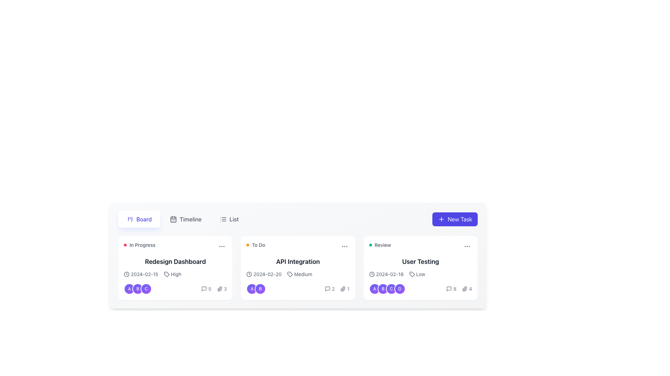 The image size is (670, 376). What do you see at coordinates (467, 289) in the screenshot?
I see `the attachment icon and label displaying the number of attachments associated with the 'User Testing' task` at bounding box center [467, 289].